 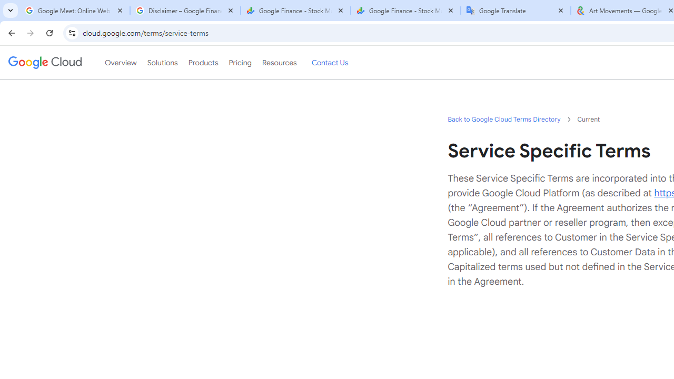 I want to click on 'Products', so click(x=203, y=63).